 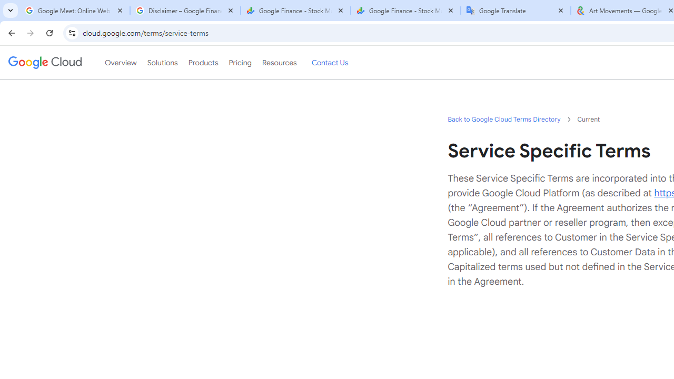 I want to click on 'Products', so click(x=203, y=63).